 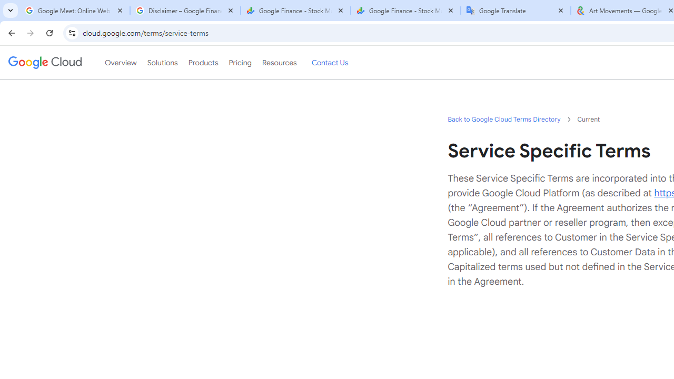 I want to click on 'Products', so click(x=203, y=63).